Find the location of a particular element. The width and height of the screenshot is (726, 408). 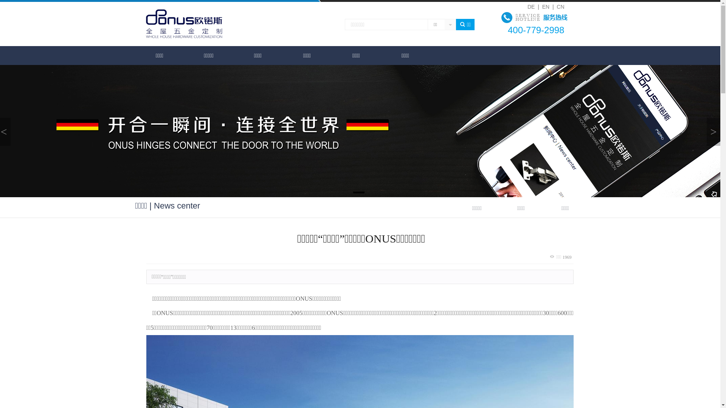

'CN' is located at coordinates (560, 7).